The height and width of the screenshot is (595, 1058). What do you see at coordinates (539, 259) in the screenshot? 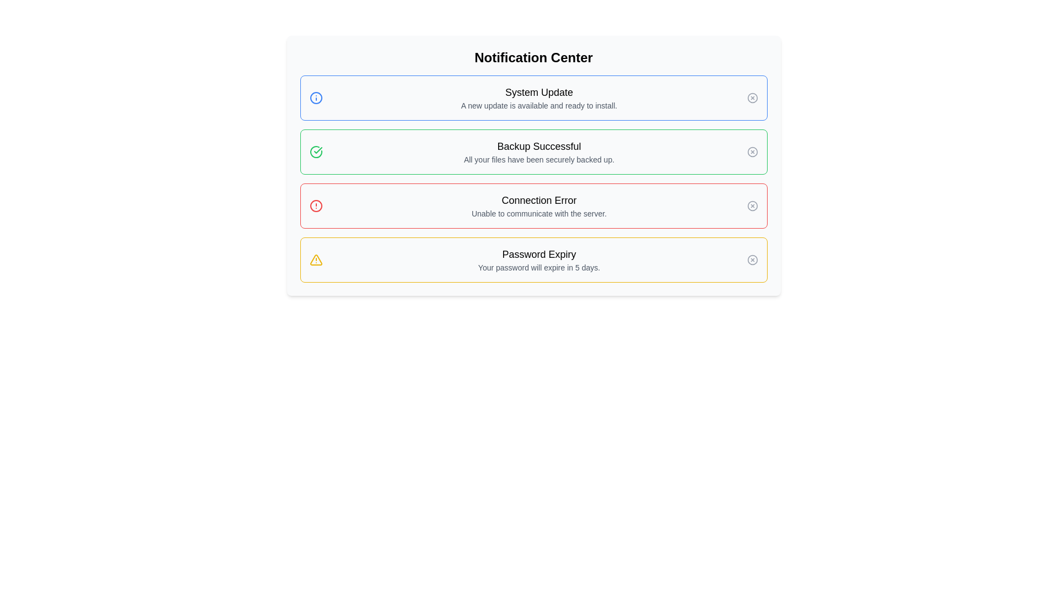
I see `information provided in the 'Password Expiry' text content block, which includes the header and description about password expiration` at bounding box center [539, 259].